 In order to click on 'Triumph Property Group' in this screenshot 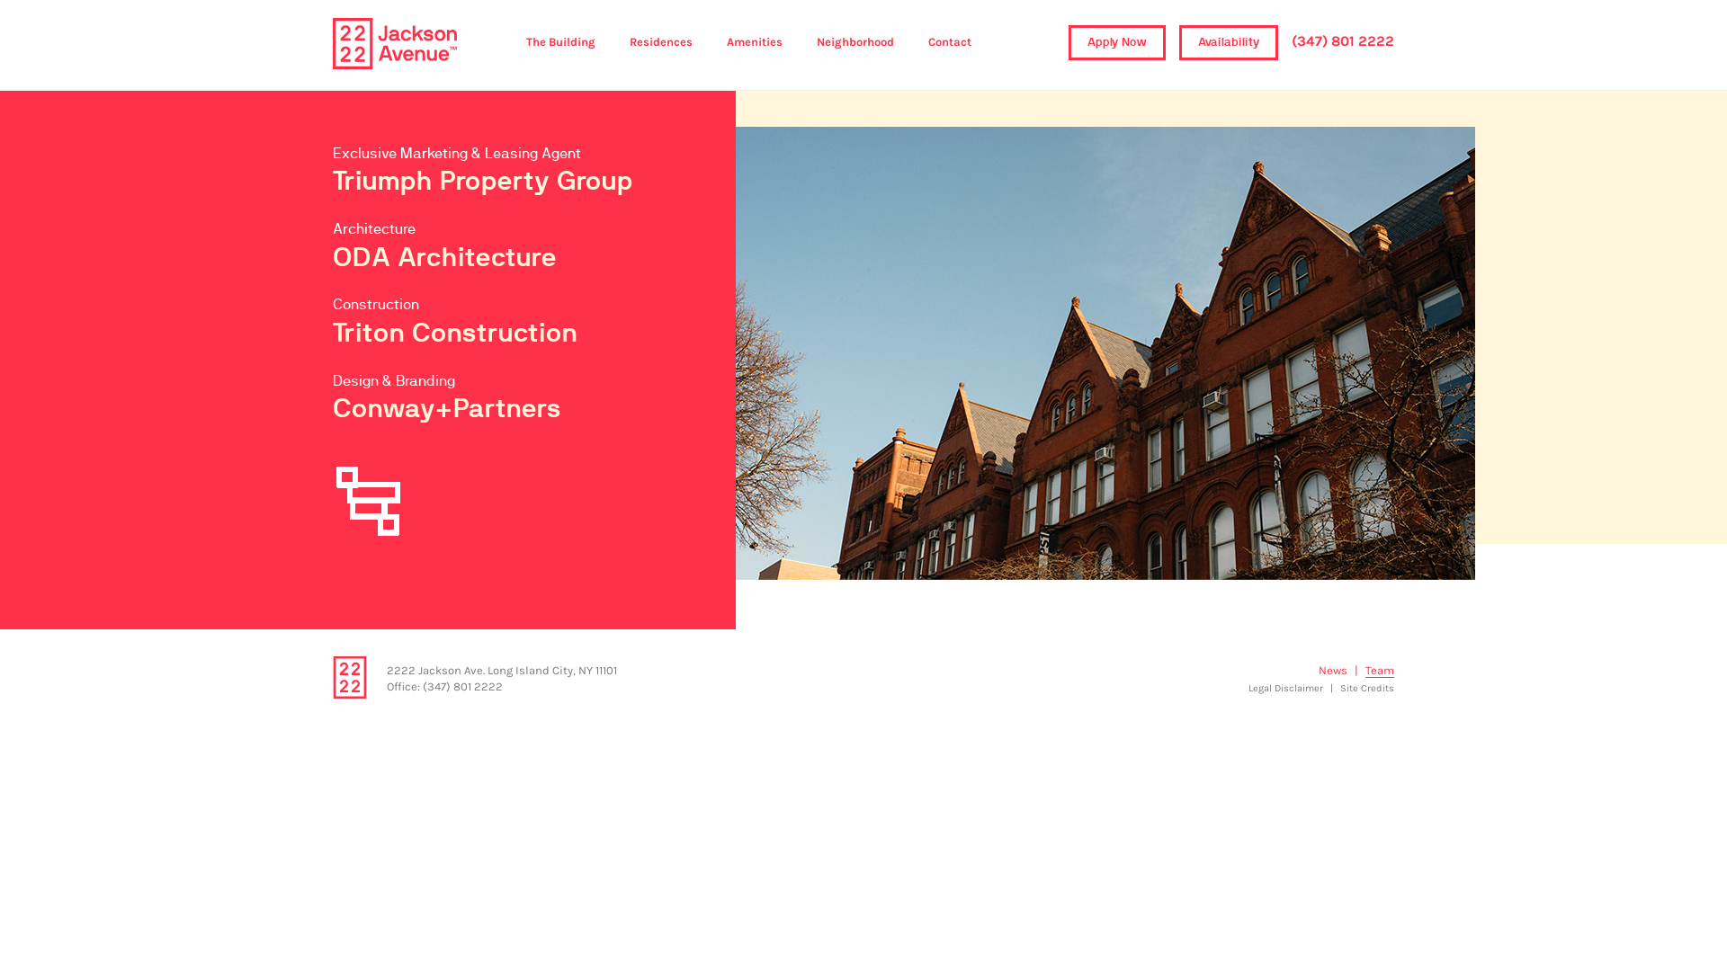, I will do `click(483, 181)`.